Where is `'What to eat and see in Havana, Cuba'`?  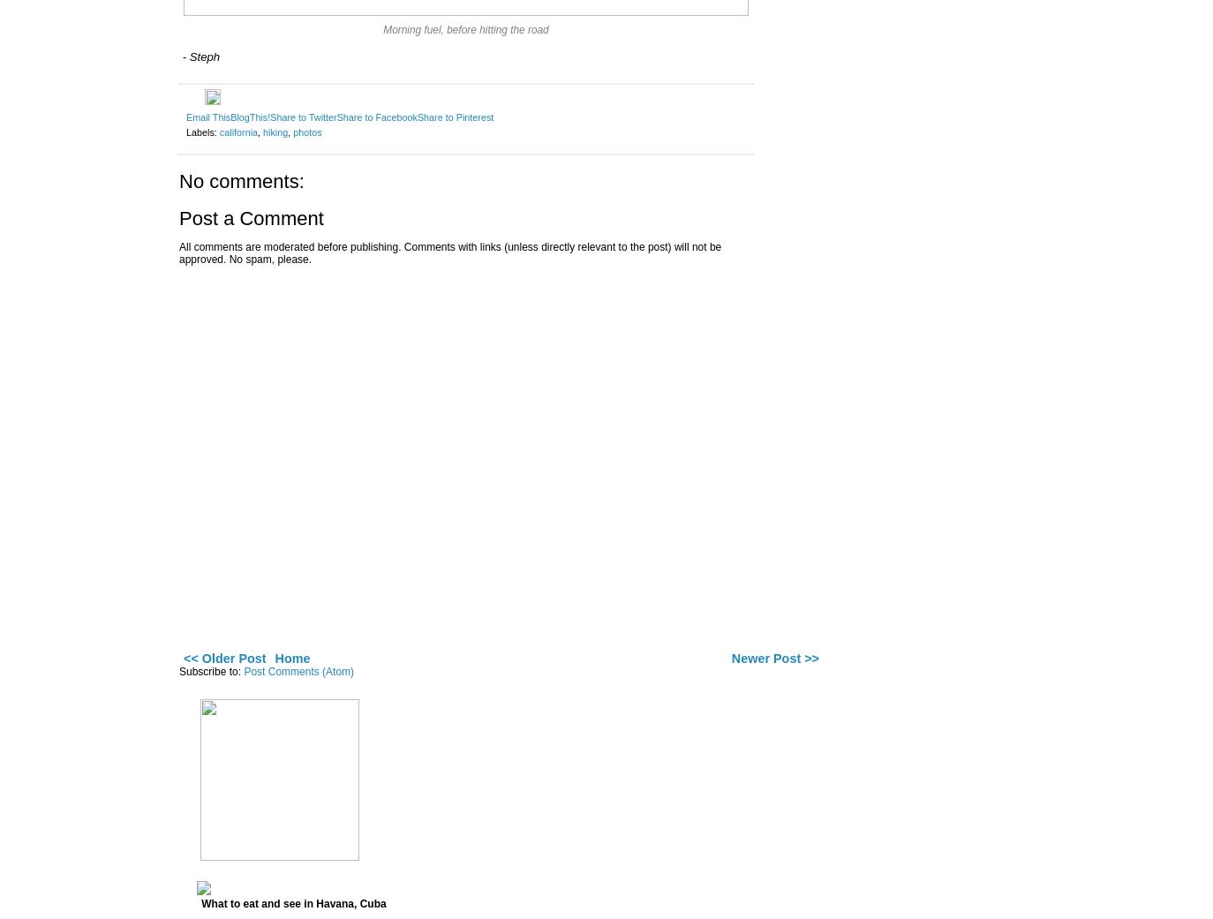
'What to eat and see in Havana, Cuba' is located at coordinates (292, 904).